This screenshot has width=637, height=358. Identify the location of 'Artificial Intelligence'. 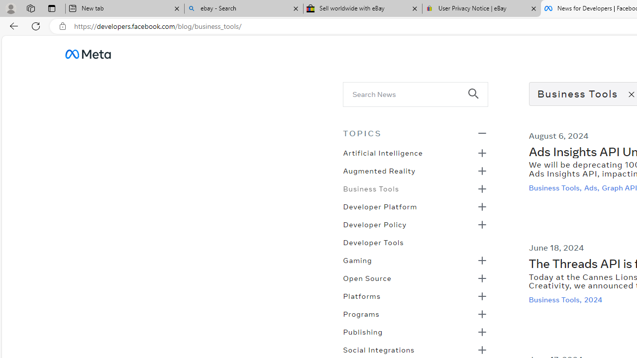
(382, 152).